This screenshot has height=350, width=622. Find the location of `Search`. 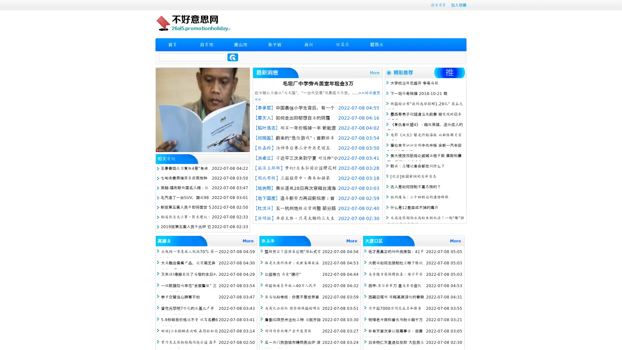

Search is located at coordinates (233, 57).